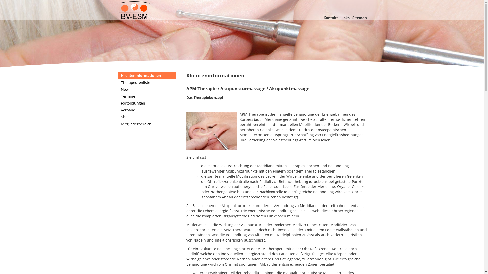  I want to click on 'Links', so click(345, 17).